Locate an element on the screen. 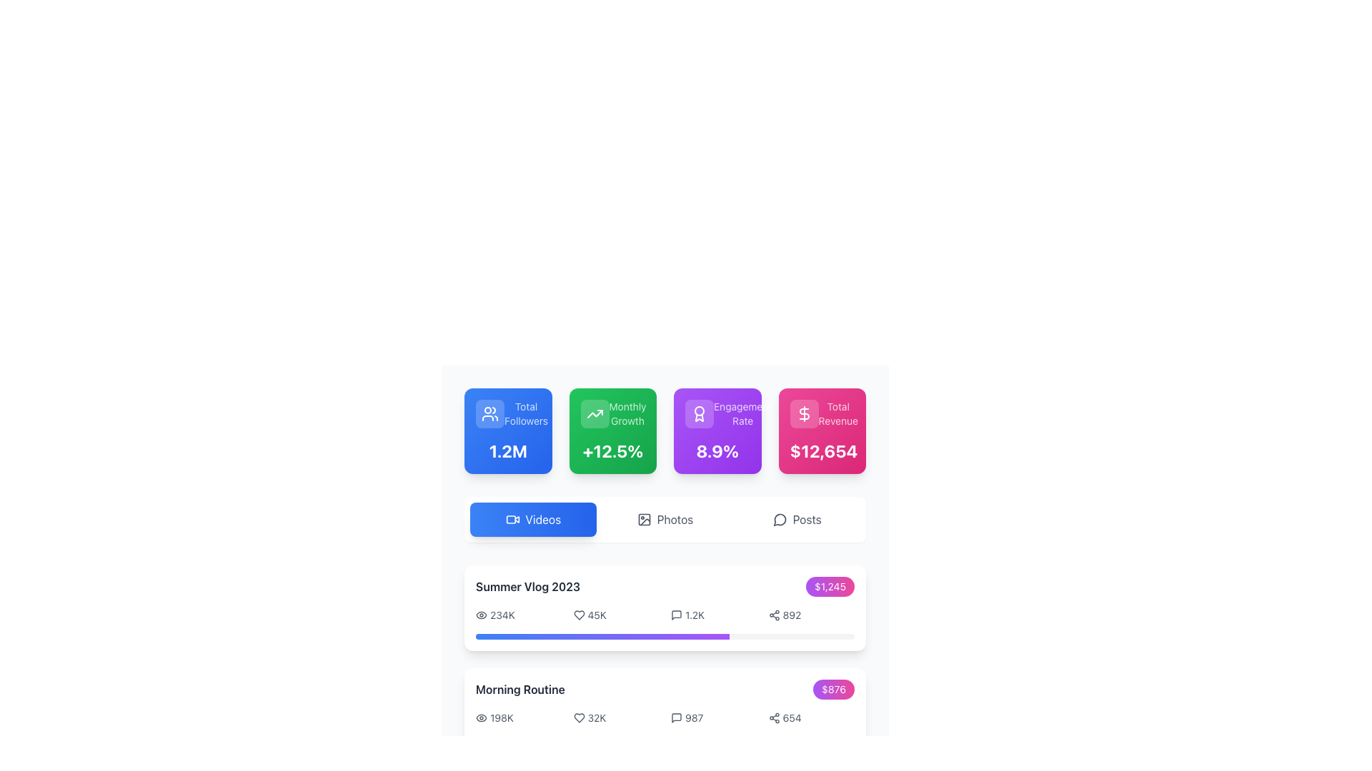  the dollar sign icon, which is styled in white and located on a magenta-pink background within the 'Total Revenue' tile at the top-right corner of the four tiles section is located at coordinates (804, 413).